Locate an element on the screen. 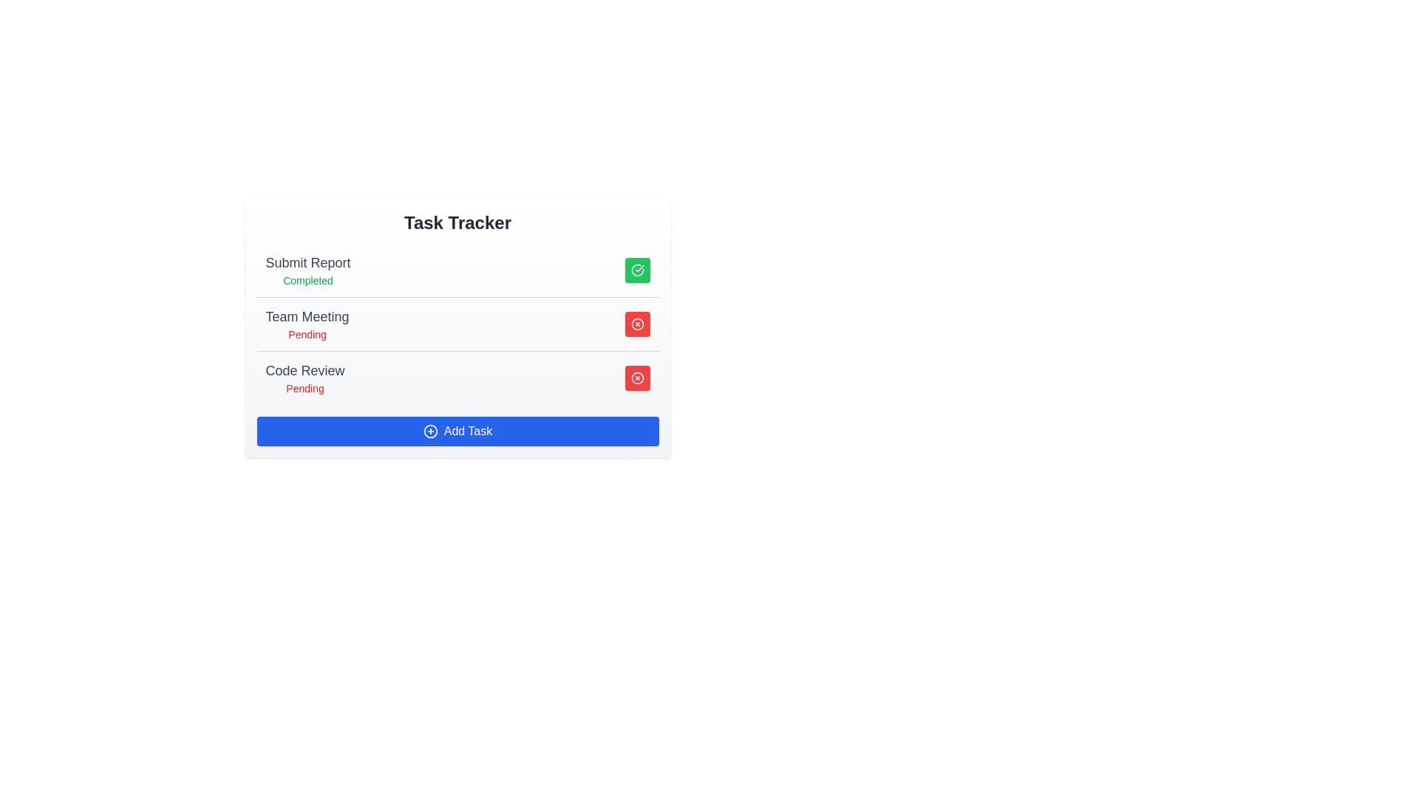 The width and height of the screenshot is (1419, 798). the 'Submit Report' text label by tabbing to it is located at coordinates (307, 262).